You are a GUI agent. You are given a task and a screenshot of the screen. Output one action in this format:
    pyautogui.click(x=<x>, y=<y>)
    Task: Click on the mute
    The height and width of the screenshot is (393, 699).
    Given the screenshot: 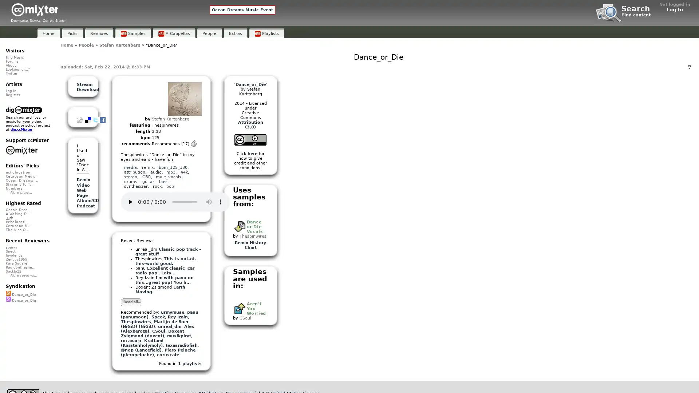 What is the action you would take?
    pyautogui.click(x=209, y=202)
    